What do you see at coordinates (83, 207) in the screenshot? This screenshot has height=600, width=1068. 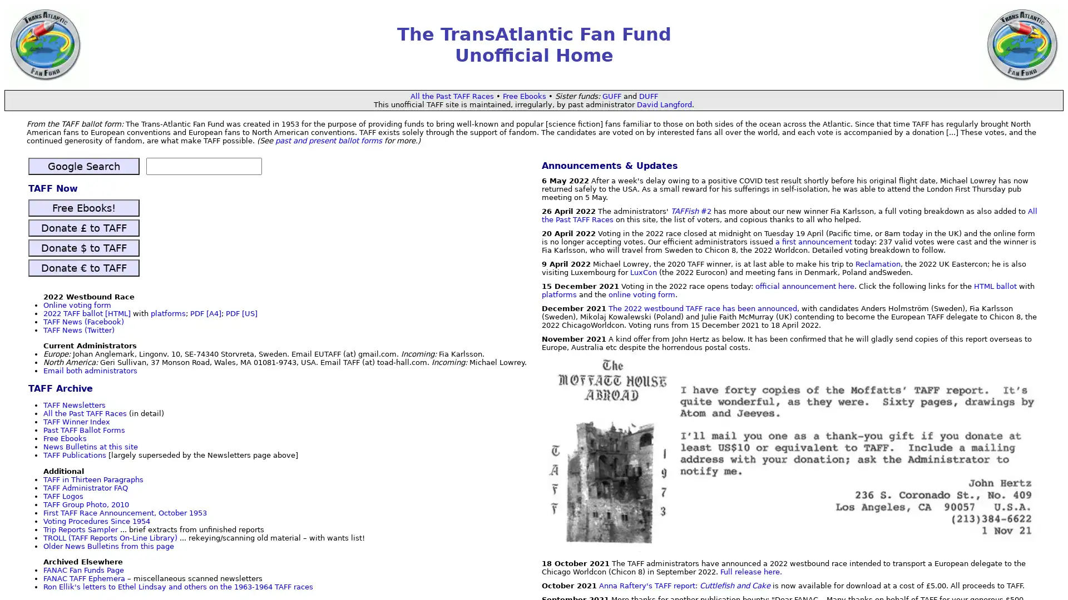 I see `Free Ebooks!` at bounding box center [83, 207].